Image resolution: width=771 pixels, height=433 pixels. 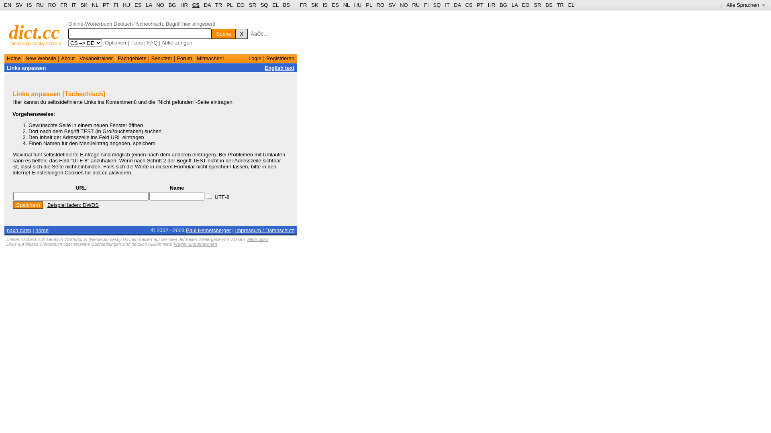 What do you see at coordinates (347, 5) in the screenshot?
I see `'NL'` at bounding box center [347, 5].